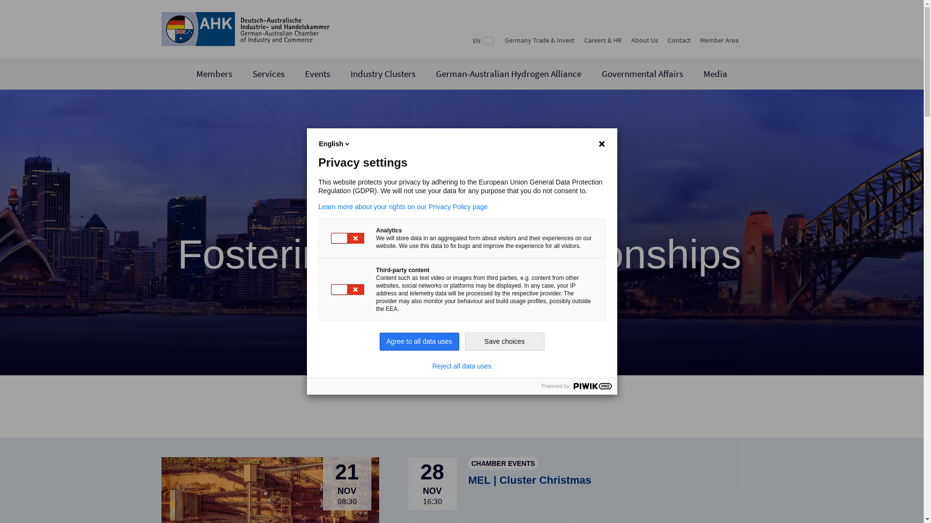 Image resolution: width=931 pixels, height=523 pixels. I want to click on 'Governmental Affairs', so click(642, 73).